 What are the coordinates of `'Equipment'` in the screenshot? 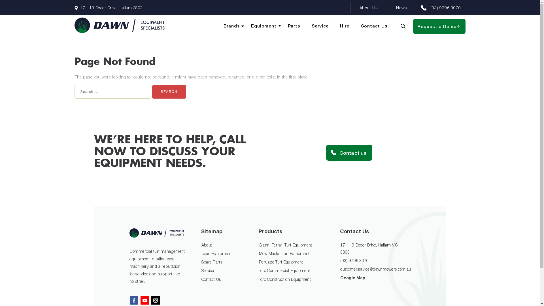 It's located at (263, 26).